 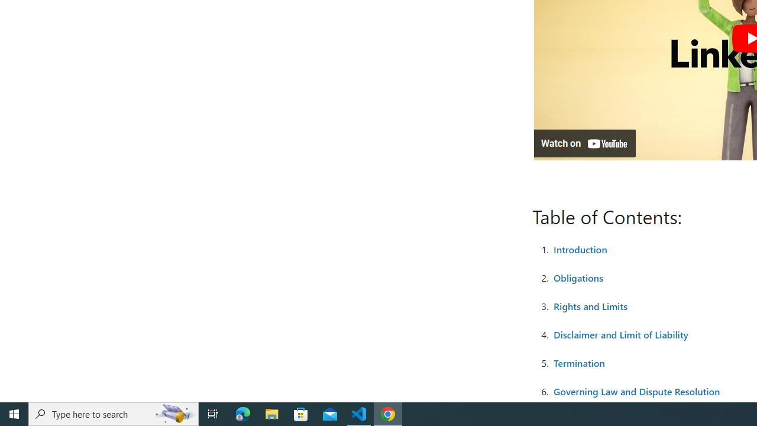 I want to click on 'Obligations', so click(x=578, y=277).